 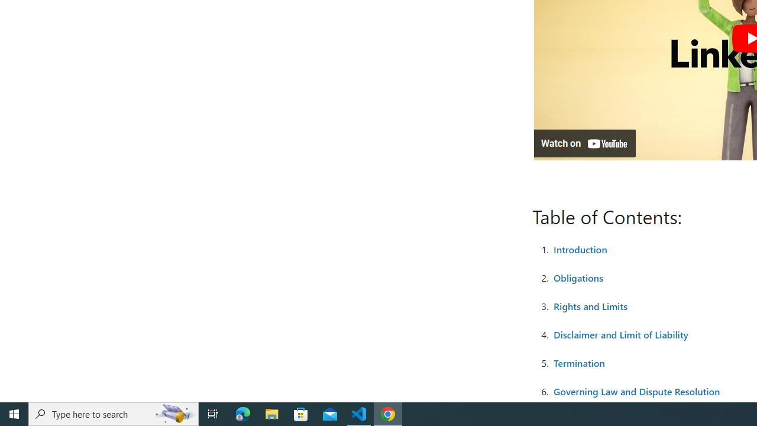 I want to click on 'Obligations', so click(x=578, y=277).